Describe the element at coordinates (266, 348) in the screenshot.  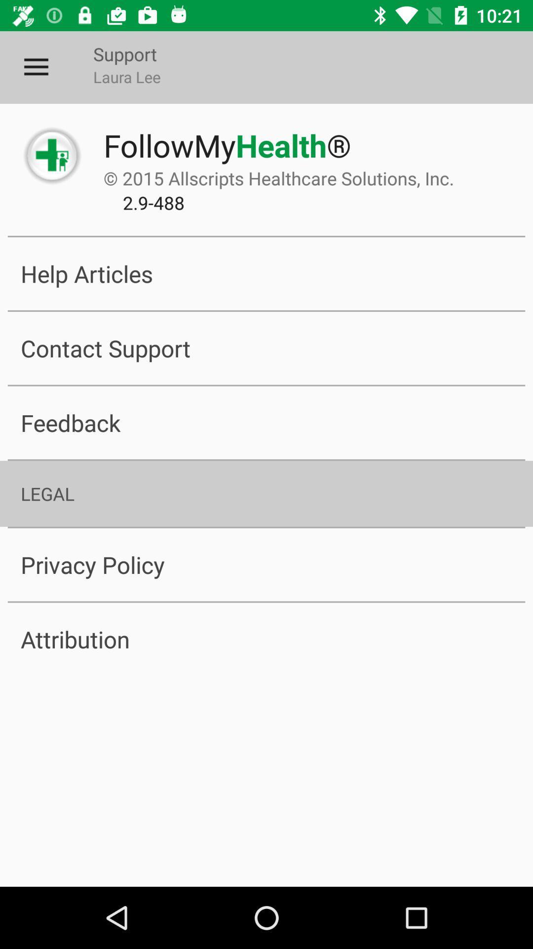
I see `contact support` at that location.